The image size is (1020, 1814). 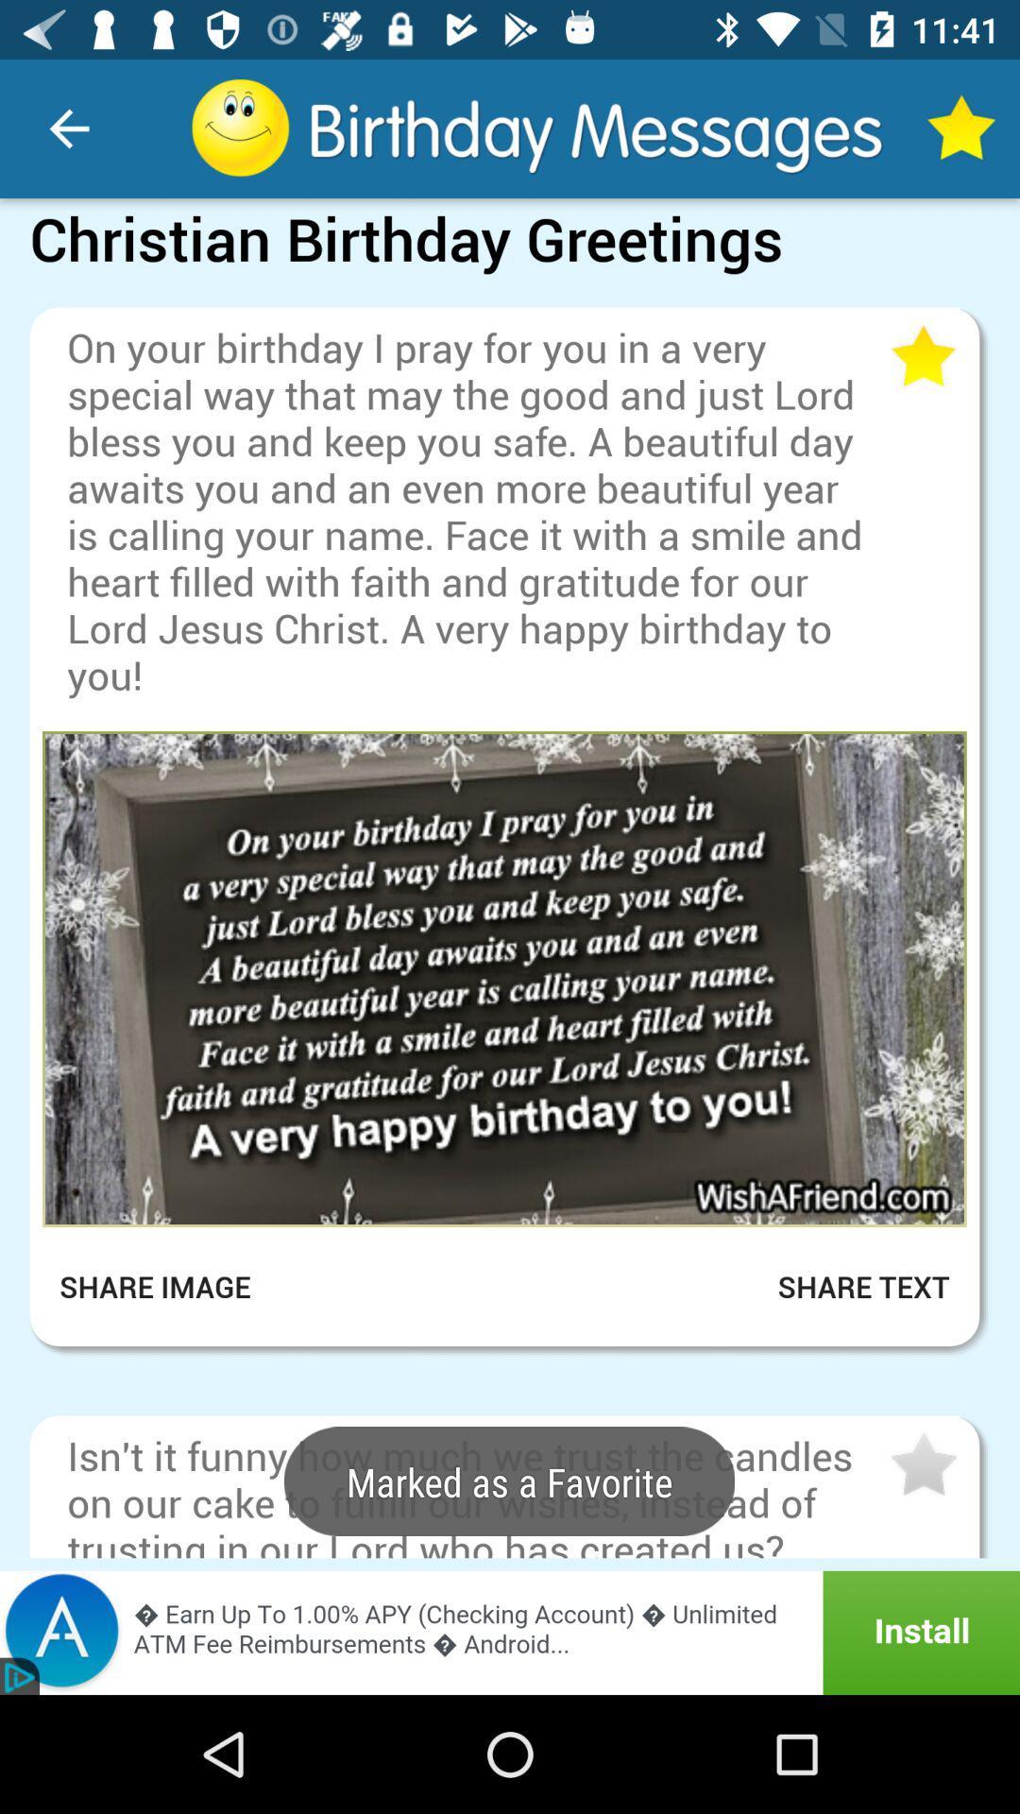 I want to click on favorite, so click(x=921, y=357).